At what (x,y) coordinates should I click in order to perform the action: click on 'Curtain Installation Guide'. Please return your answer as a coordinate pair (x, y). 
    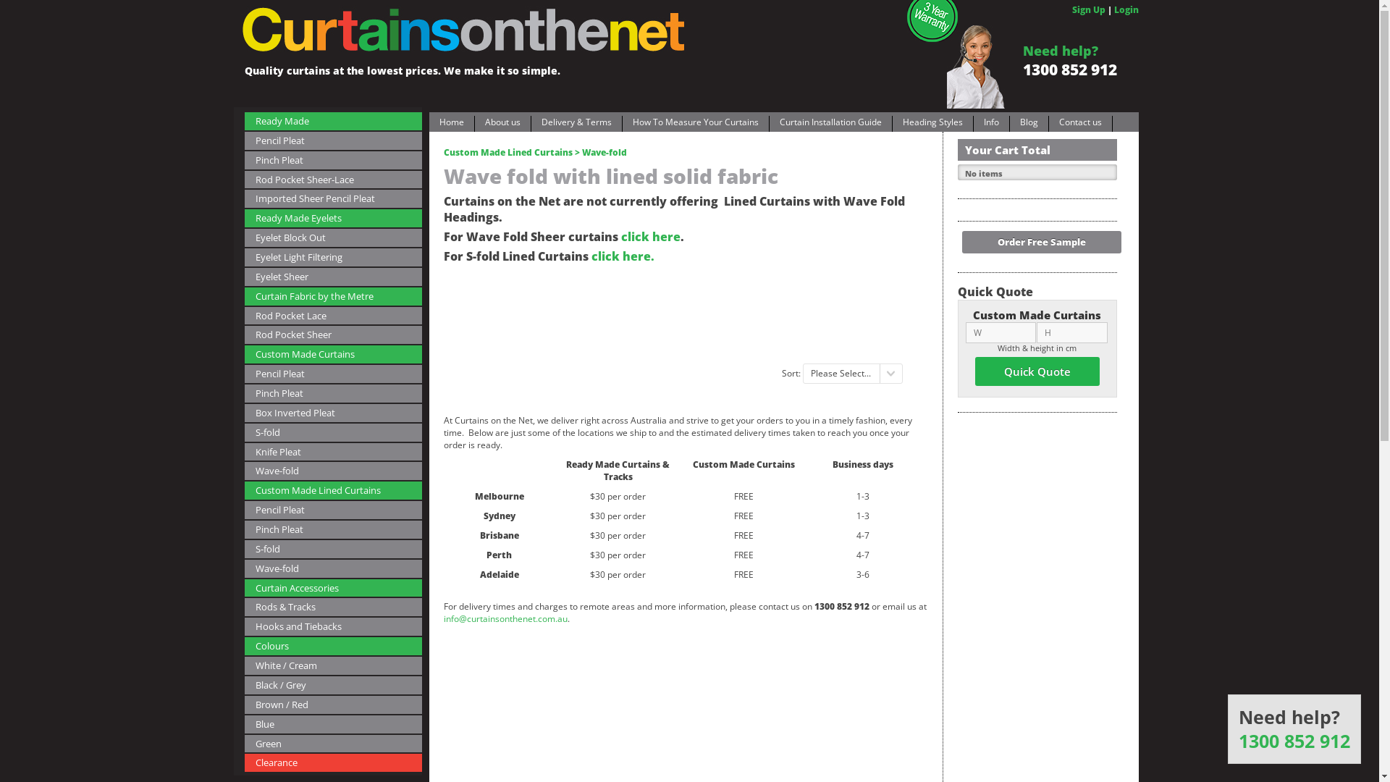
    Looking at the image, I should click on (767, 122).